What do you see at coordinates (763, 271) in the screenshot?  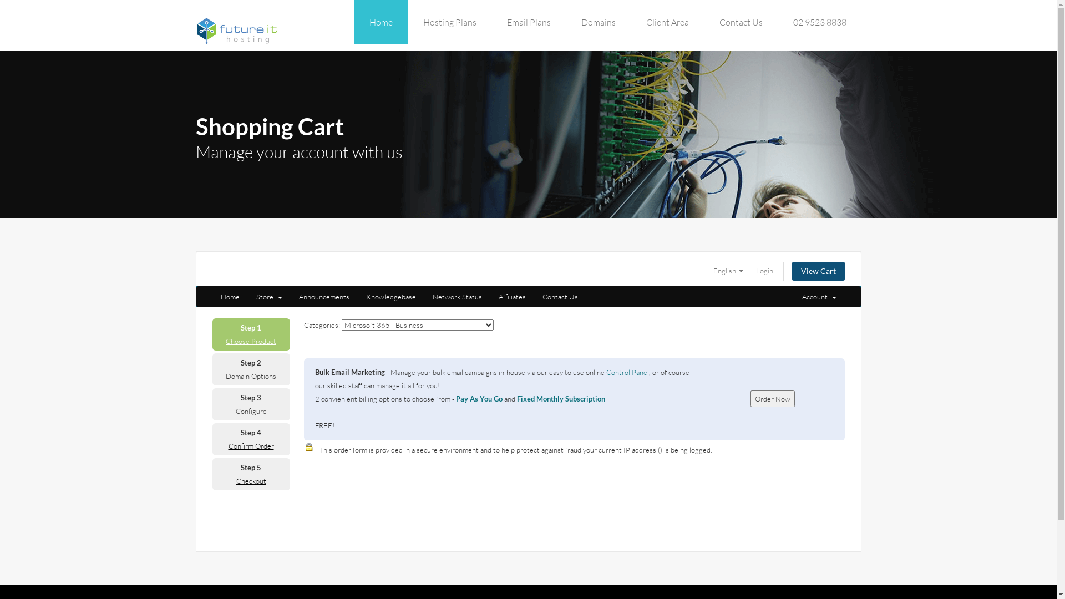 I see `'Login'` at bounding box center [763, 271].